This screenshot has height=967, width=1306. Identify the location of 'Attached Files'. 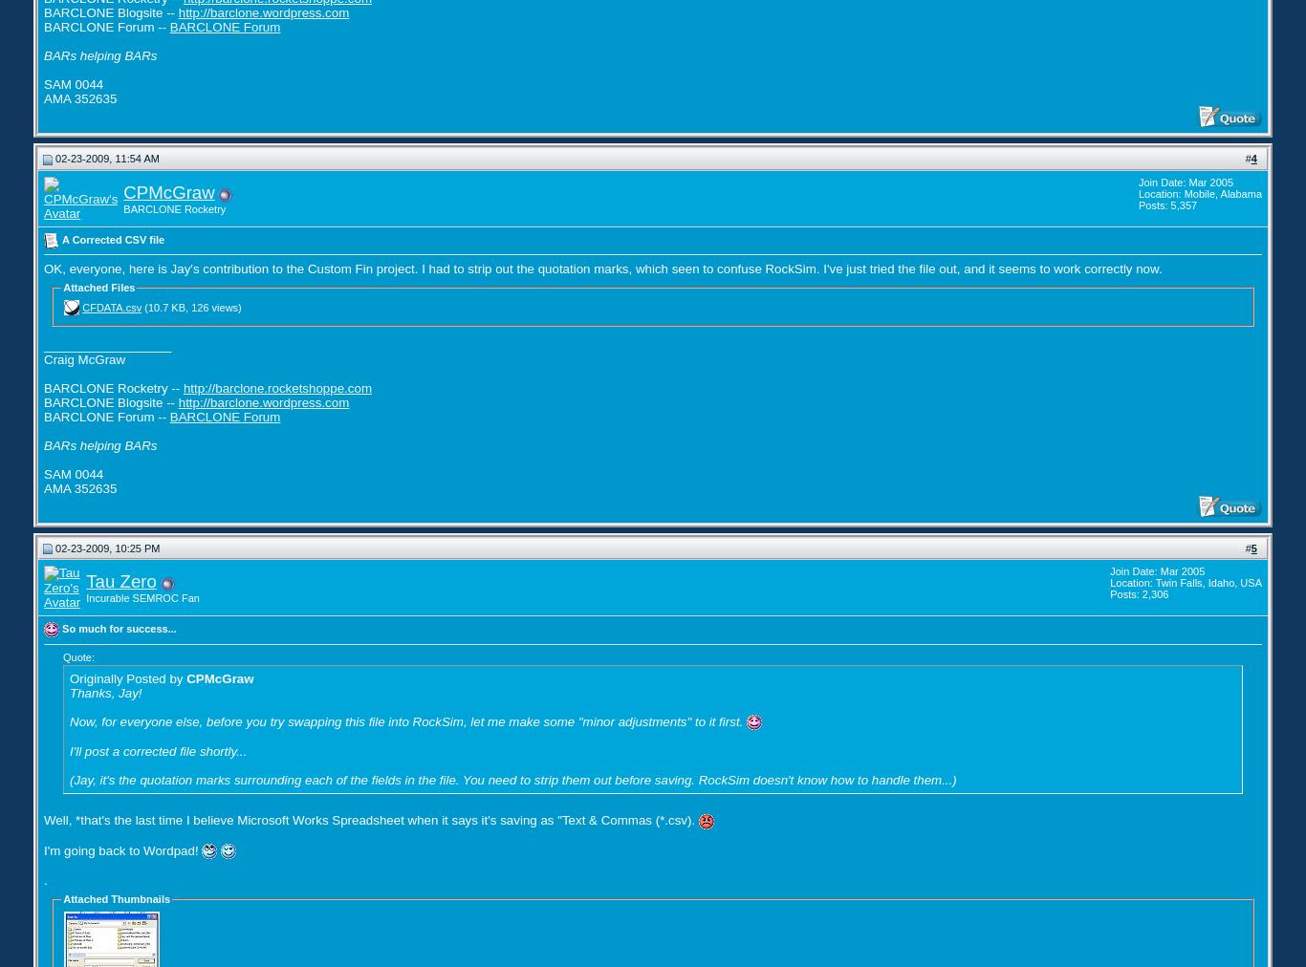
(98, 286).